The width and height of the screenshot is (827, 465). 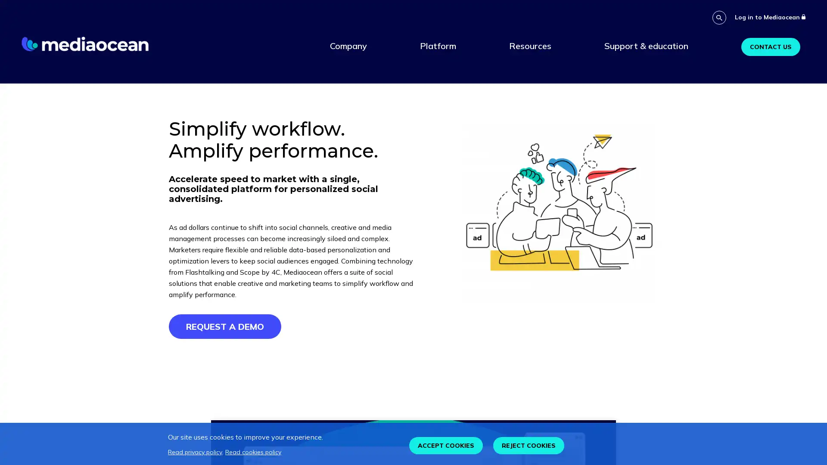 I want to click on REJECT COOKIES, so click(x=528, y=445).